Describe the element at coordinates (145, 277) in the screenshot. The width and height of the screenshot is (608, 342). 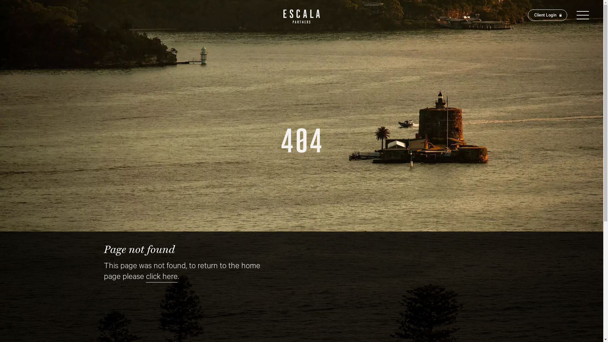
I see `'click here'` at that location.